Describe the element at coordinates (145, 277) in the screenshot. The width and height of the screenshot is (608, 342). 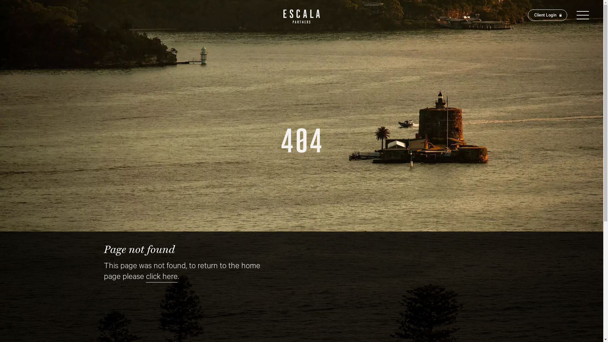
I see `'click here'` at that location.